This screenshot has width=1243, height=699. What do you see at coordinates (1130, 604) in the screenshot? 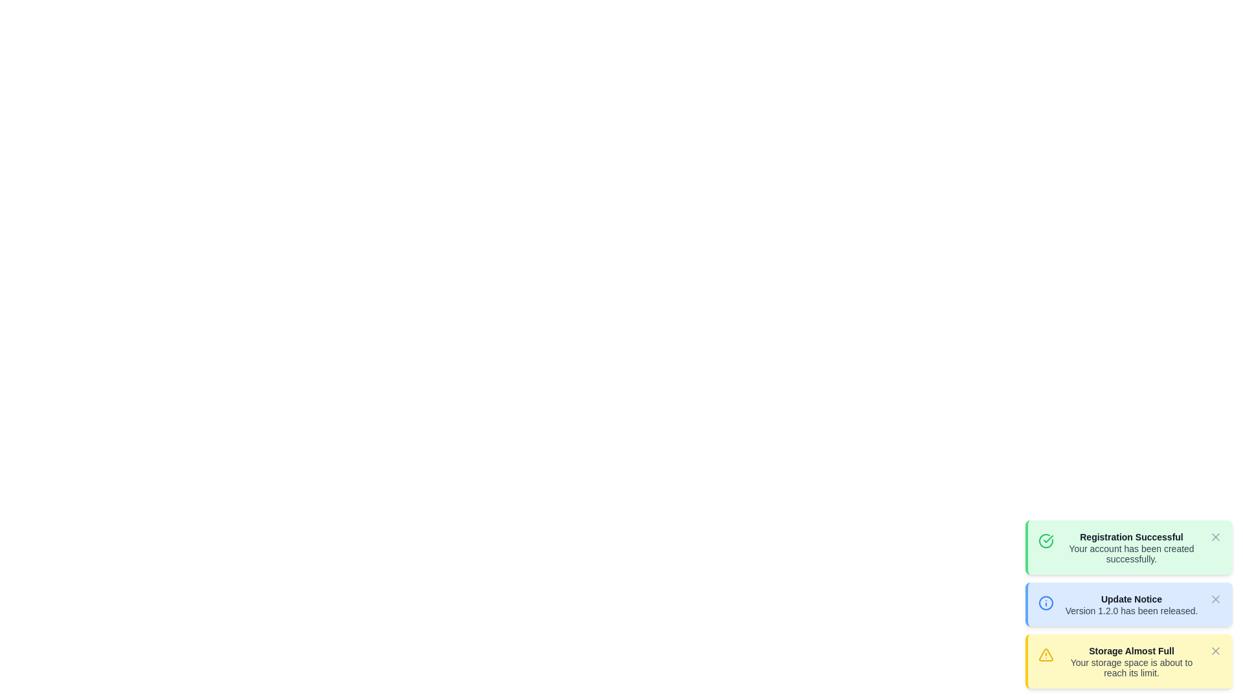
I see `the main notification text for the update information card located in the second notification box, centrally placed below the icon` at bounding box center [1130, 604].